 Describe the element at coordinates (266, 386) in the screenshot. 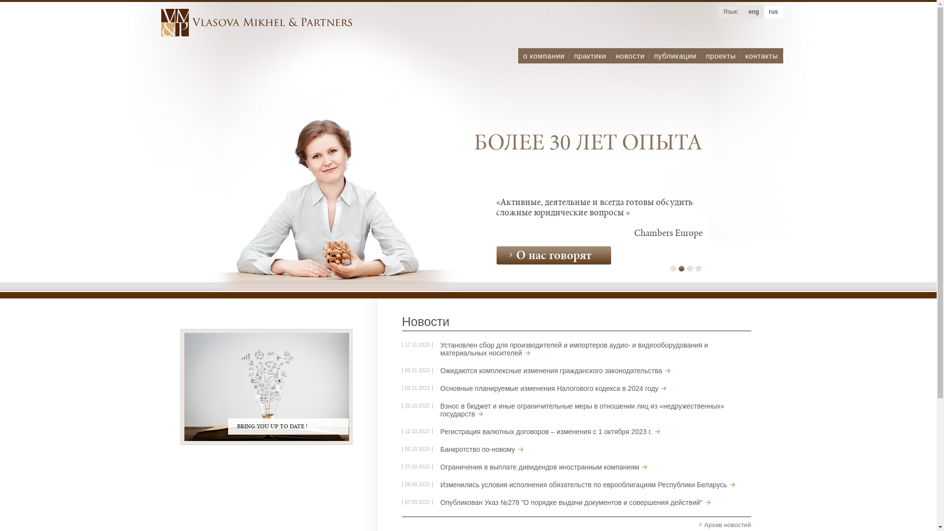

I see `'BRING YOU UP TO DATE !'` at that location.